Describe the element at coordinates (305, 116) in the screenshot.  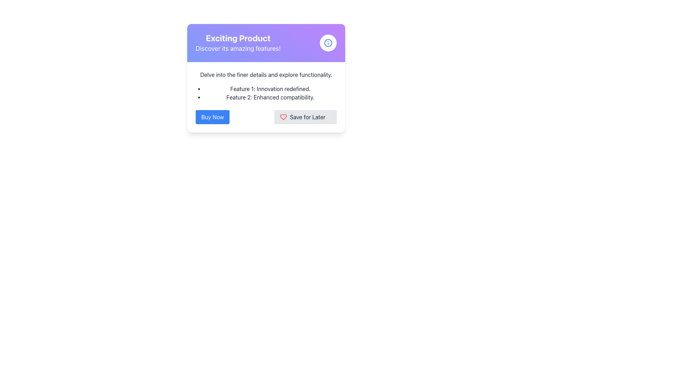
I see `the 'Save for Later' button, which is a rectangular button with rounded corners, a light gray background, a red heart icon on the left, and bold dark text` at that location.